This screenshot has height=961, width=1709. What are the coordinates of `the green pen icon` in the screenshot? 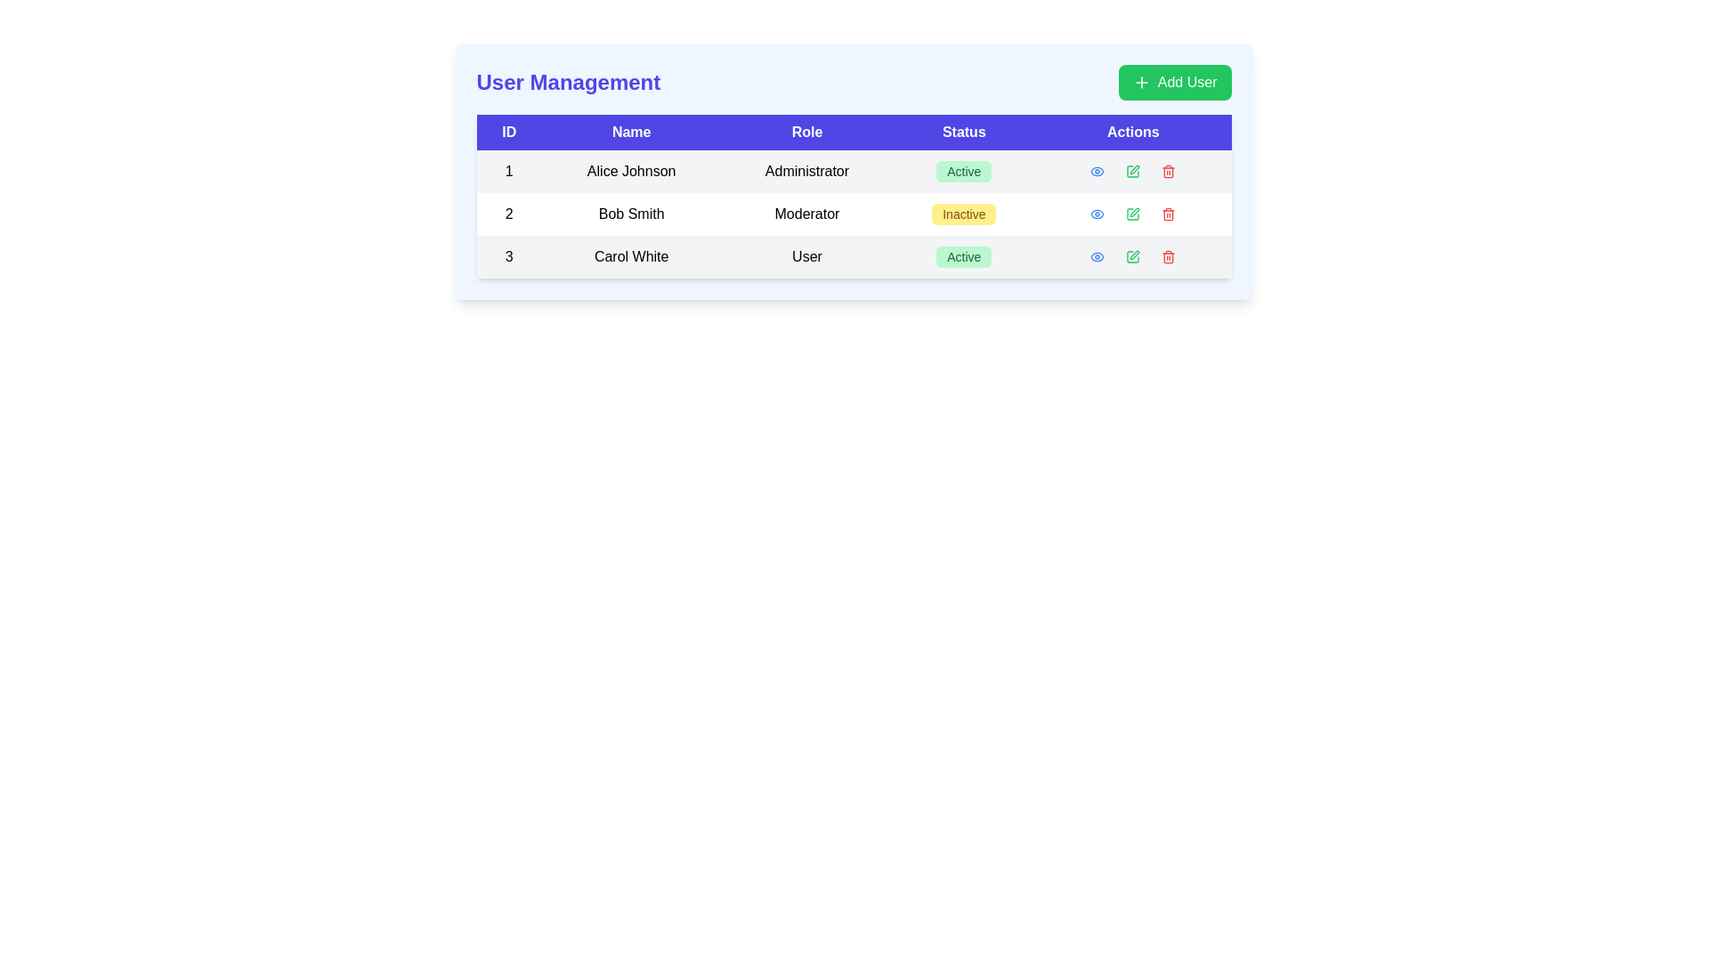 It's located at (1132, 171).